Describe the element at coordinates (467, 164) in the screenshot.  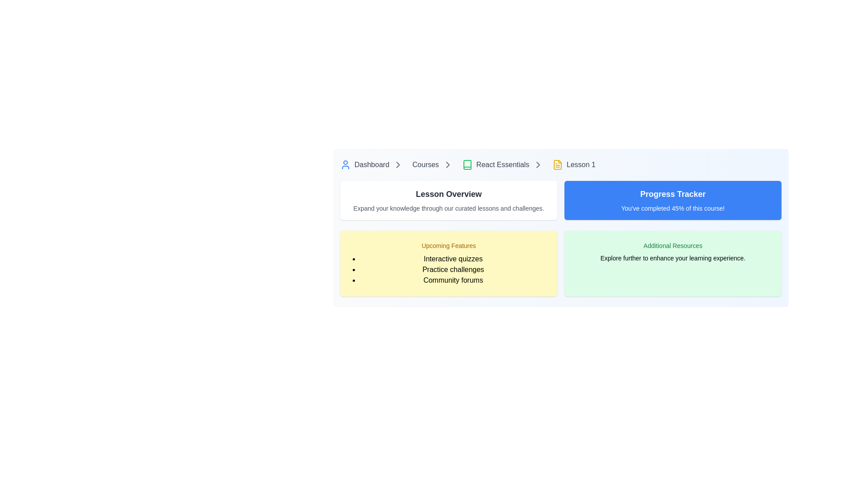
I see `the small green outlined book icon located near the label 'React Essentials' in the breadcrumb navigation bar` at that location.